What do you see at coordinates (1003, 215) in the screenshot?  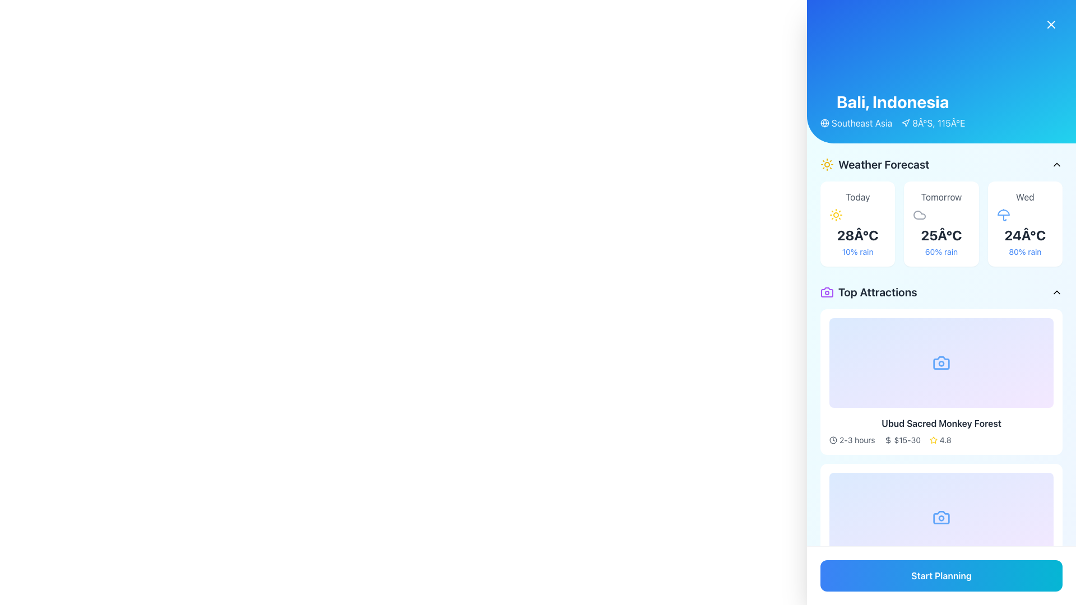 I see `the blue umbrella icon in the Weather Forecast section` at bounding box center [1003, 215].